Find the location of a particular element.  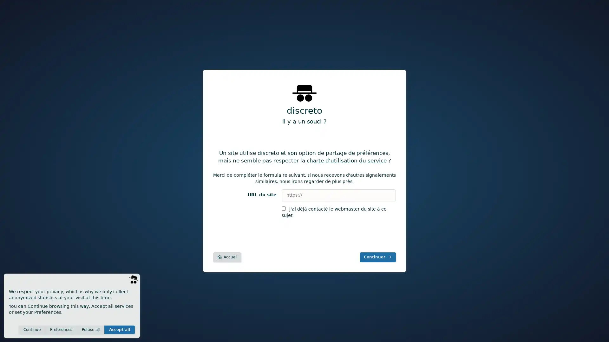

Invisible is located at coordinates (102, 332).